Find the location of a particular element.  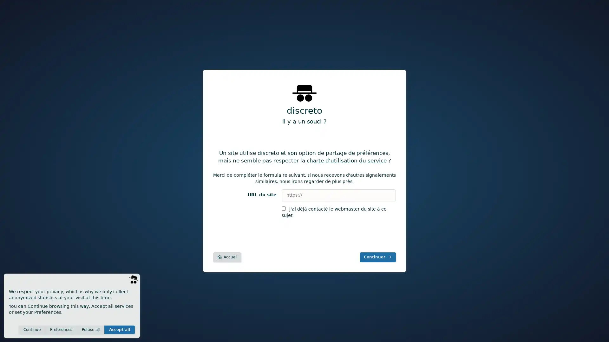

Invisible is located at coordinates (102, 332).